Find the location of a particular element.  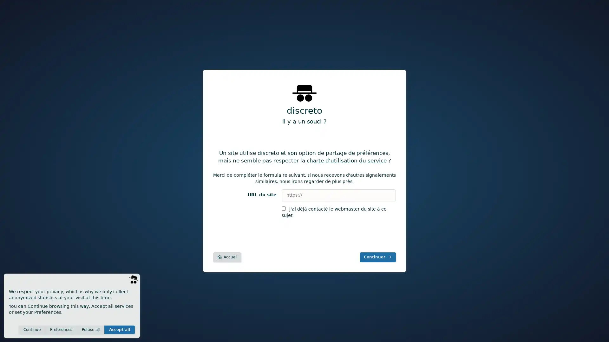

Invisible is located at coordinates (102, 332).